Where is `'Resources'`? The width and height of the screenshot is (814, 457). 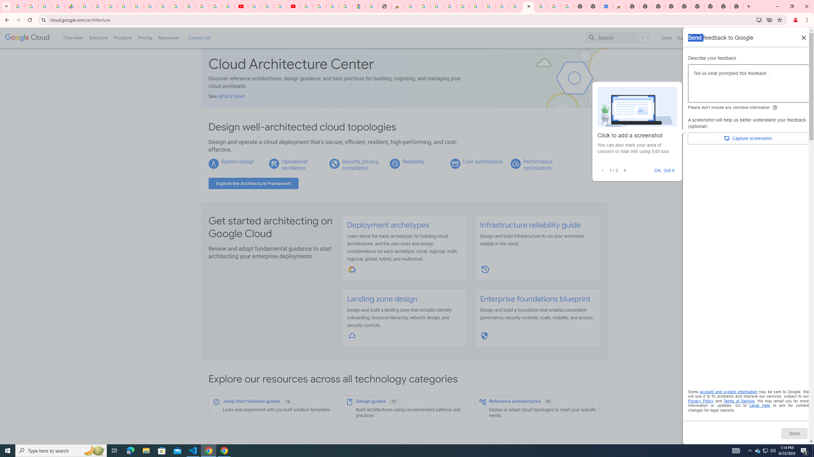
'Resources' is located at coordinates (168, 37).